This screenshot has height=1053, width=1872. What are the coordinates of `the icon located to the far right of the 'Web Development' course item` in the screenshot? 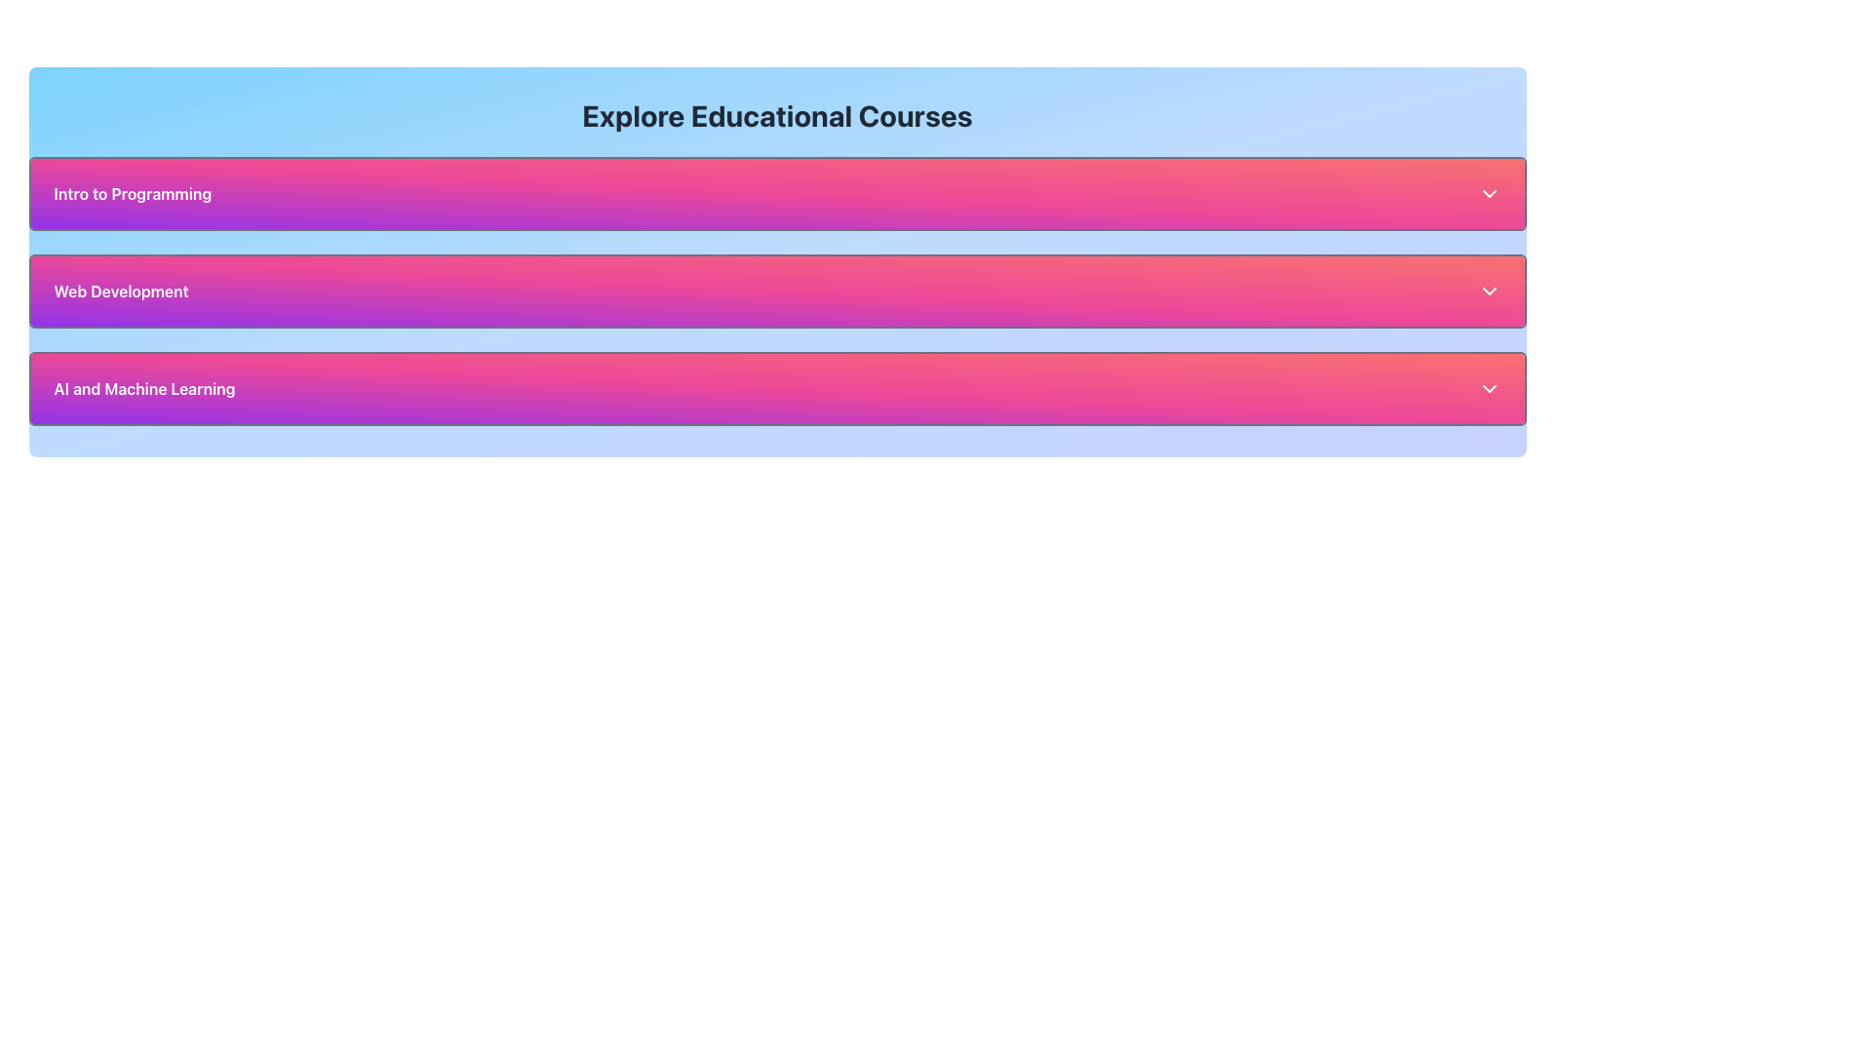 It's located at (1488, 292).